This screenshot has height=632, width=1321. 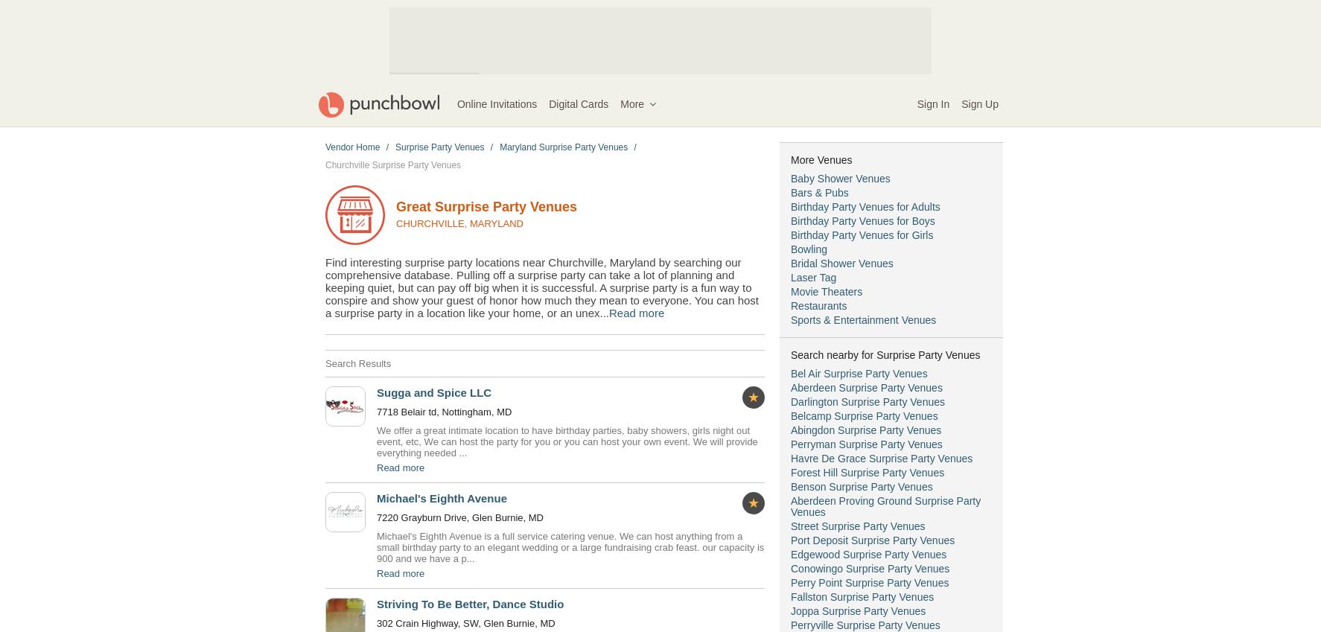 What do you see at coordinates (324, 363) in the screenshot?
I see `'Search Results'` at bounding box center [324, 363].